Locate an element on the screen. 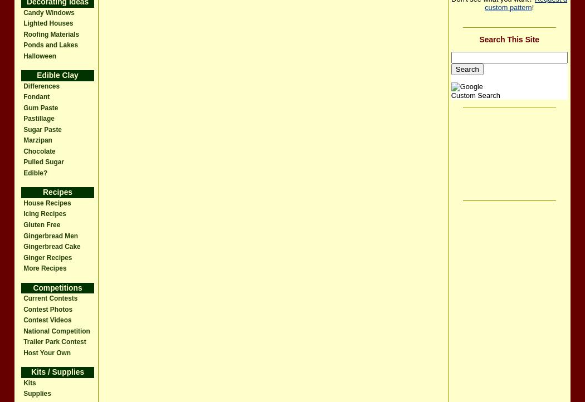 This screenshot has width=585, height=402. 'Kits' is located at coordinates (29, 381).